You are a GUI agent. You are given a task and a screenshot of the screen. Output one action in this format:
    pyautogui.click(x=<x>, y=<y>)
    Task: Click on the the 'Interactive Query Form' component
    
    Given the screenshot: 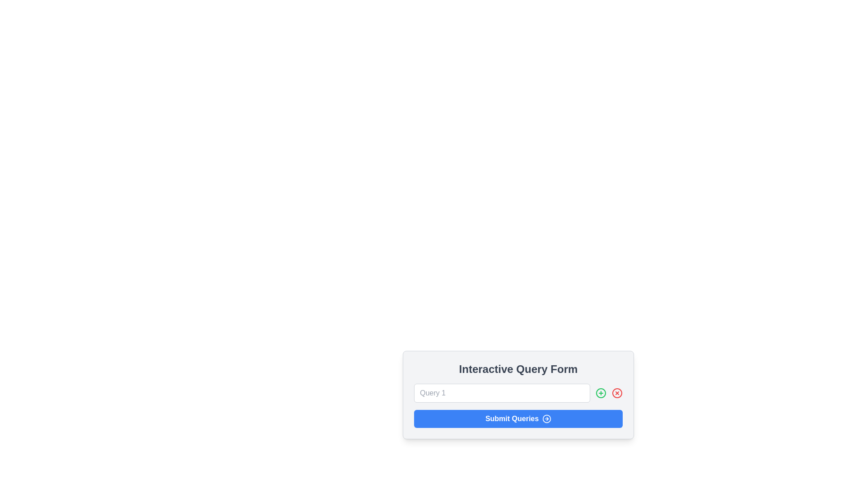 What is the action you would take?
    pyautogui.click(x=518, y=394)
    